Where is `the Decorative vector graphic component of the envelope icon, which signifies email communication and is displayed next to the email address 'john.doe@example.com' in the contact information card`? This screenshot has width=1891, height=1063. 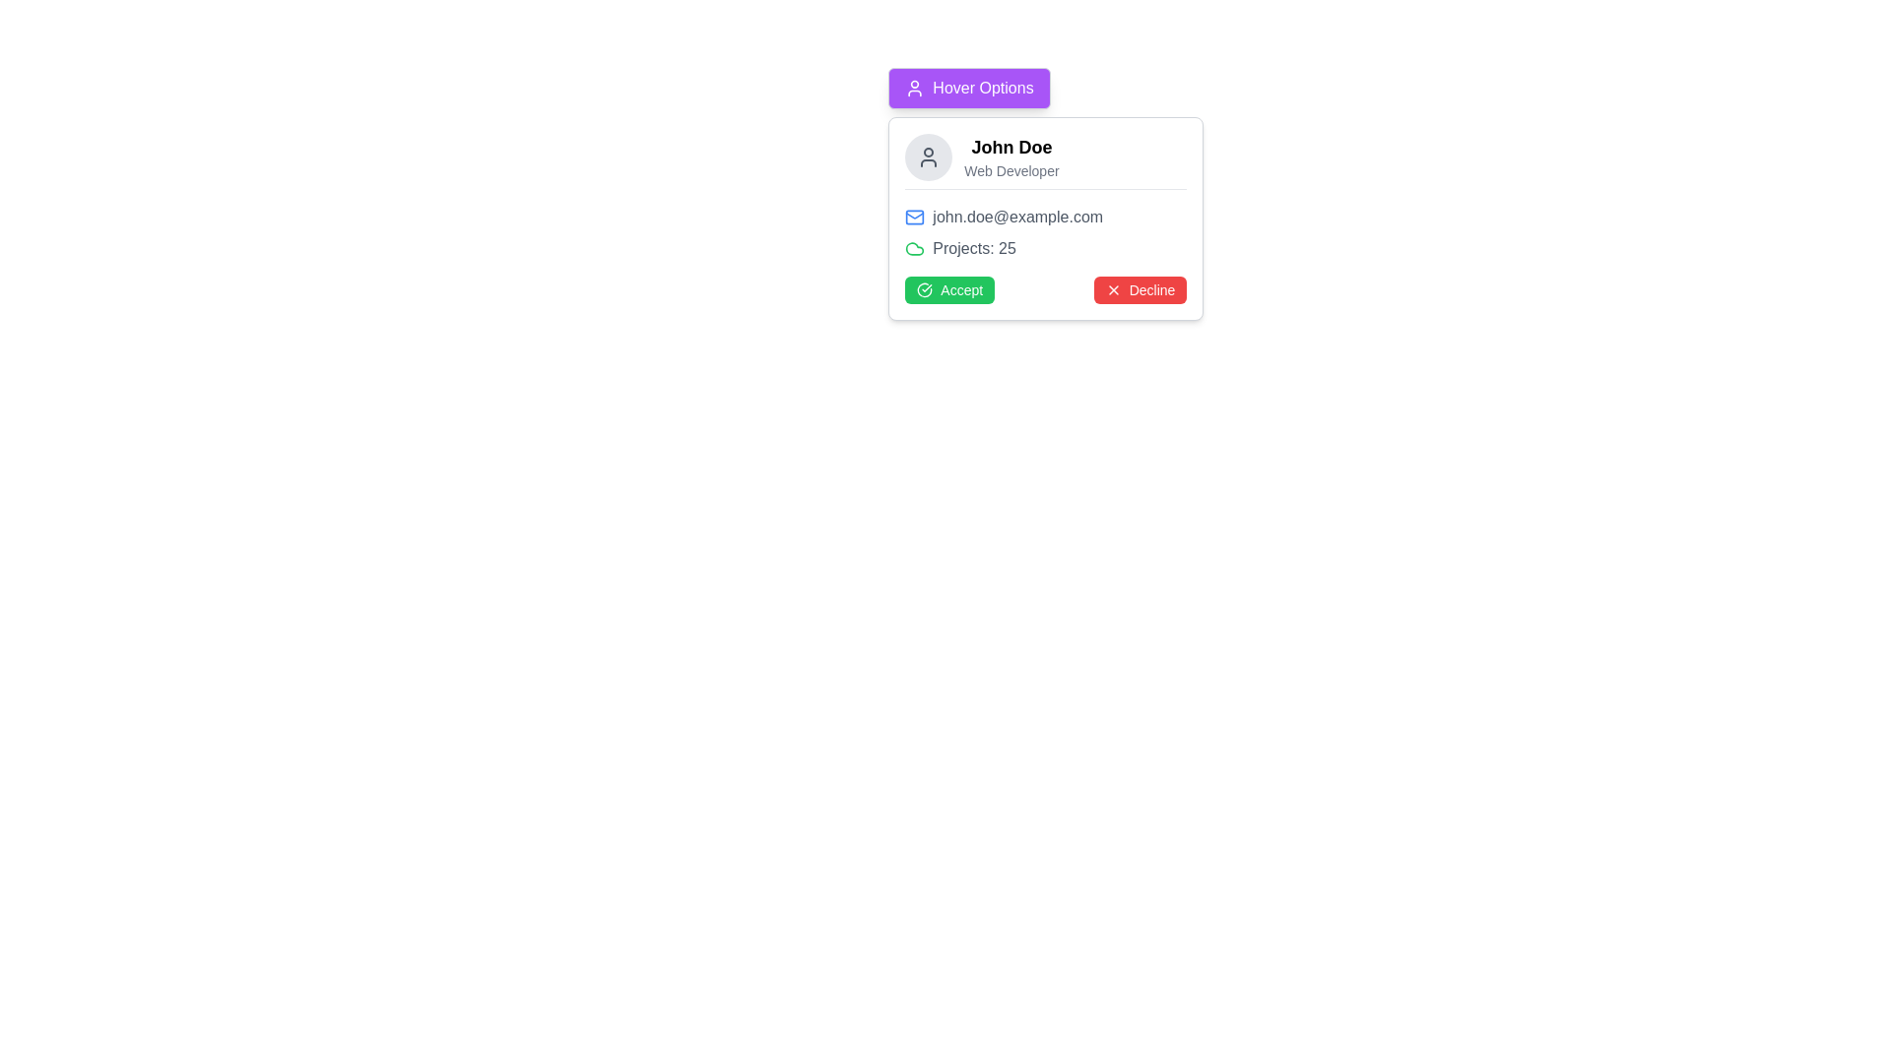 the Decorative vector graphic component of the envelope icon, which signifies email communication and is displayed next to the email address 'john.doe@example.com' in the contact information card is located at coordinates (914, 216).